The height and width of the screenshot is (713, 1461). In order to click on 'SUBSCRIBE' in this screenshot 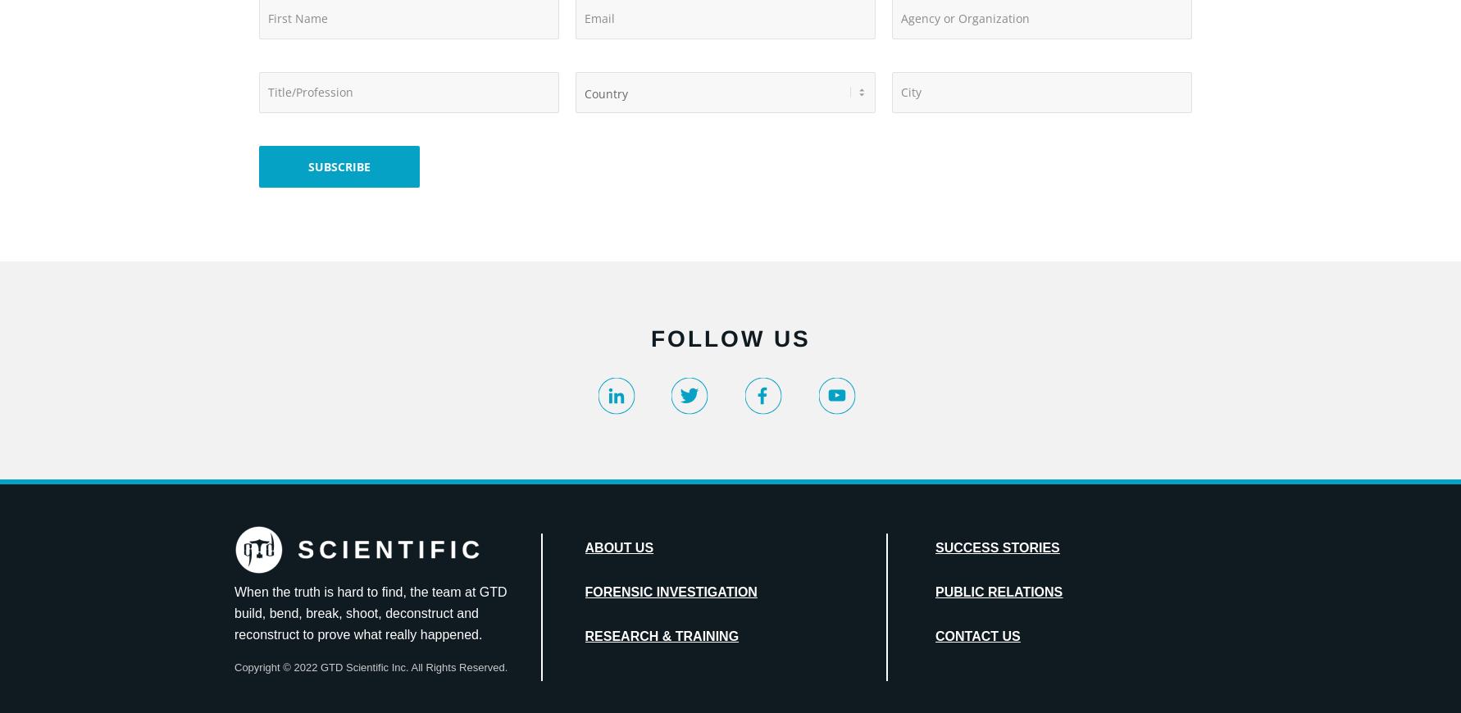, I will do `click(339, 165)`.